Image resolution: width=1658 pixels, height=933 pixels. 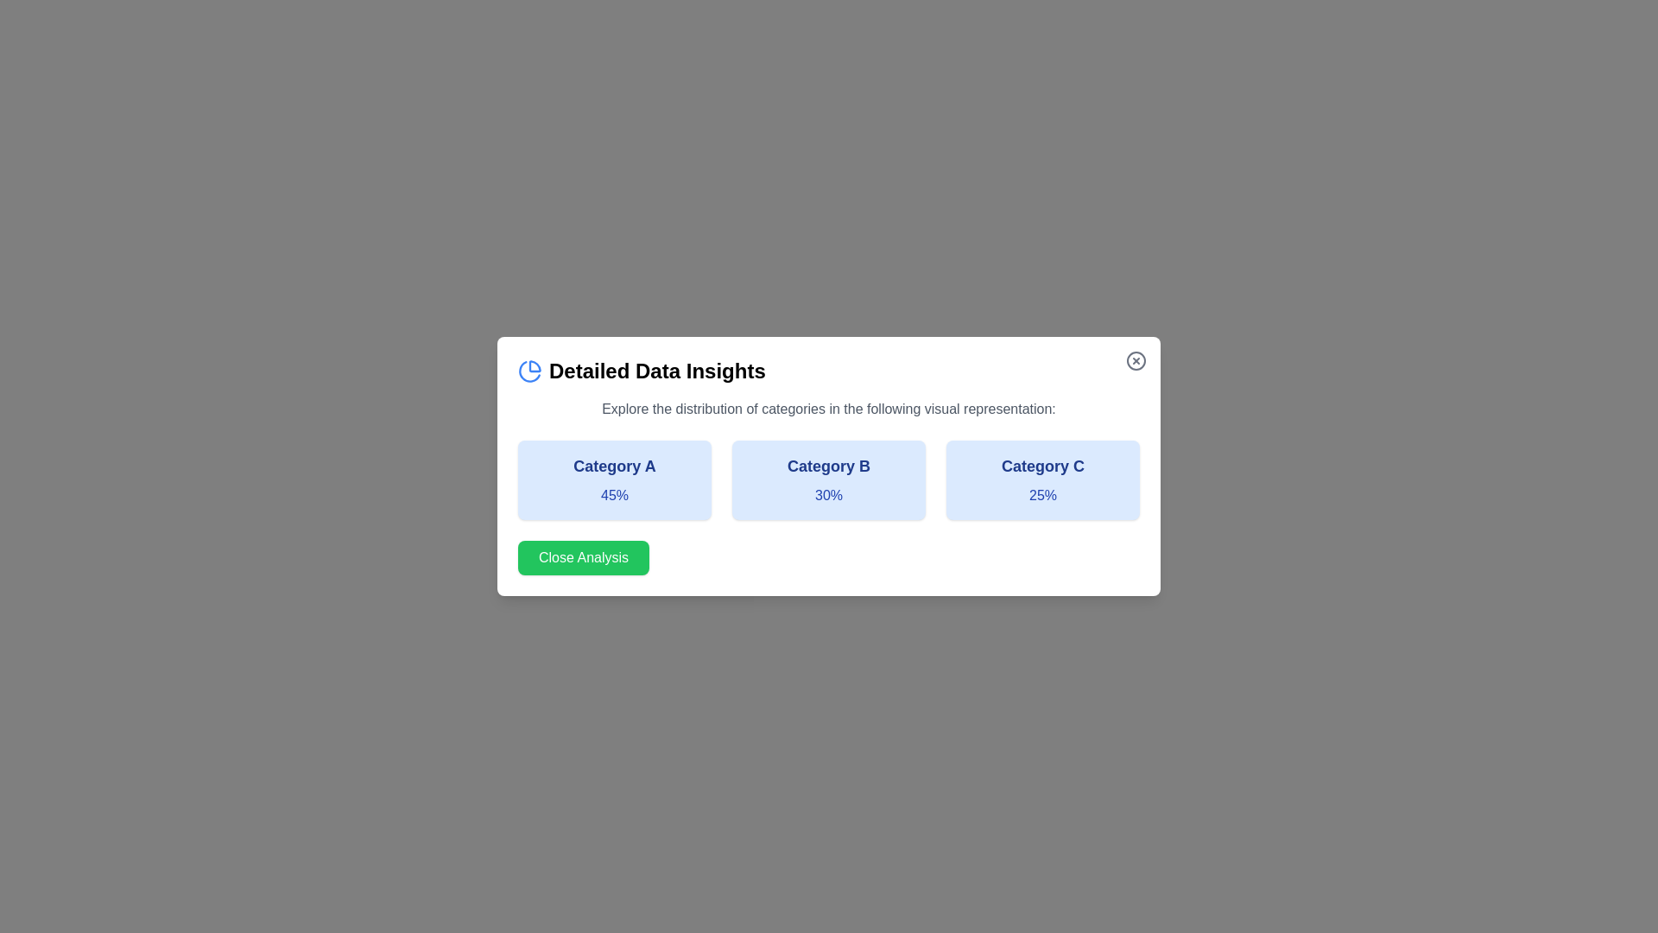 What do you see at coordinates (829, 409) in the screenshot?
I see `the text description element that reads 'Explore the distribution of categories in the following visual representation:' located centrally below the title 'Detailed Data Insights'` at bounding box center [829, 409].